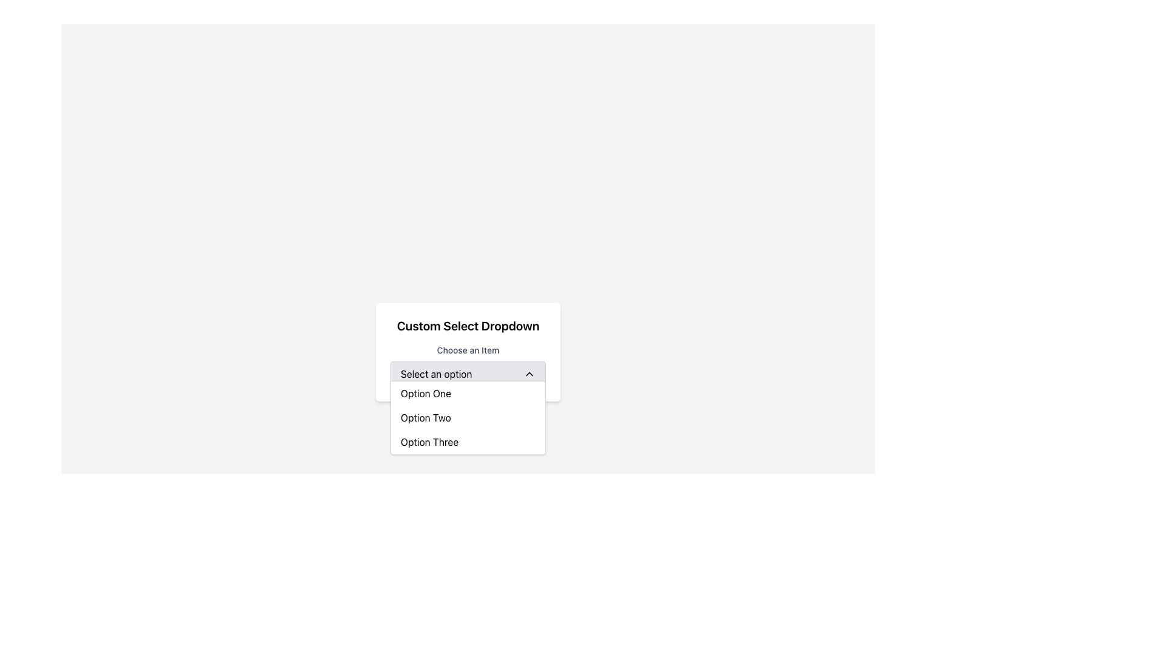  What do you see at coordinates (468, 350) in the screenshot?
I see `the text label displaying 'Choose an Item', which is a small gray font header for the dropdown below` at bounding box center [468, 350].